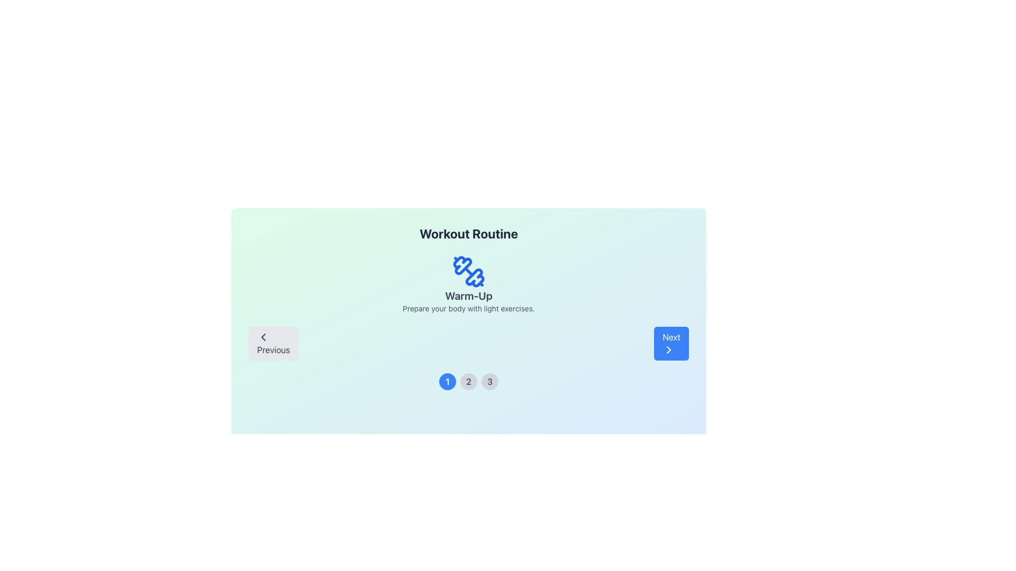 The width and height of the screenshot is (1016, 571). Describe the element at coordinates (462, 265) in the screenshot. I see `the blue workout dumbbell icon located below the 'Workout Routine' heading and aligned with 'Warm-Up'` at that location.